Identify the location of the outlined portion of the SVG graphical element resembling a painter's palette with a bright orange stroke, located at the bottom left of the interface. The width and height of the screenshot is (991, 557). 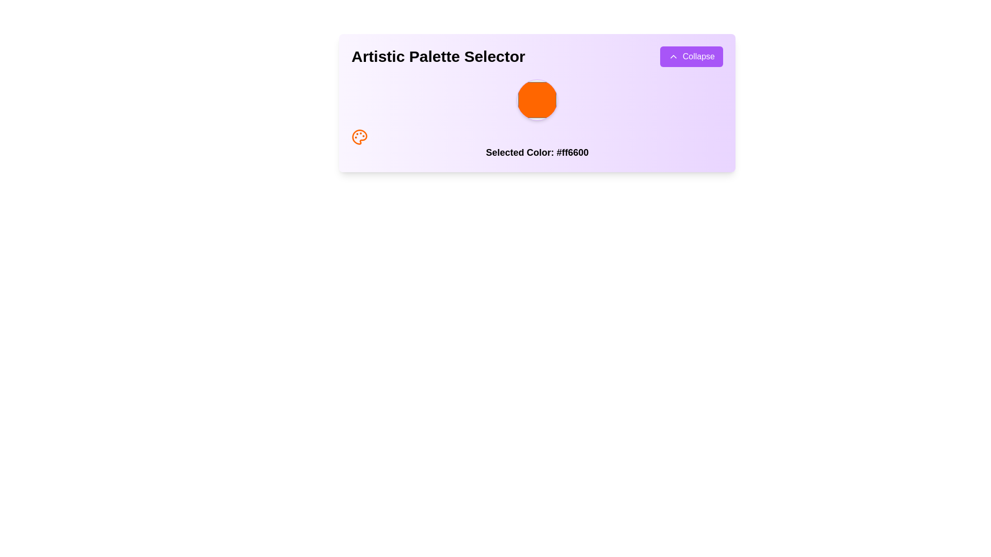
(359, 137).